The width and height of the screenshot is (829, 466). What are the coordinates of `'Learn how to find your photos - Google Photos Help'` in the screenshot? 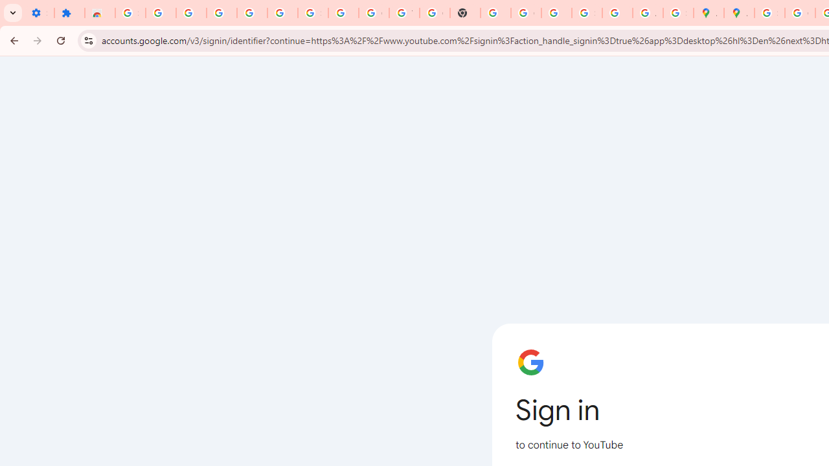 It's located at (252, 13).